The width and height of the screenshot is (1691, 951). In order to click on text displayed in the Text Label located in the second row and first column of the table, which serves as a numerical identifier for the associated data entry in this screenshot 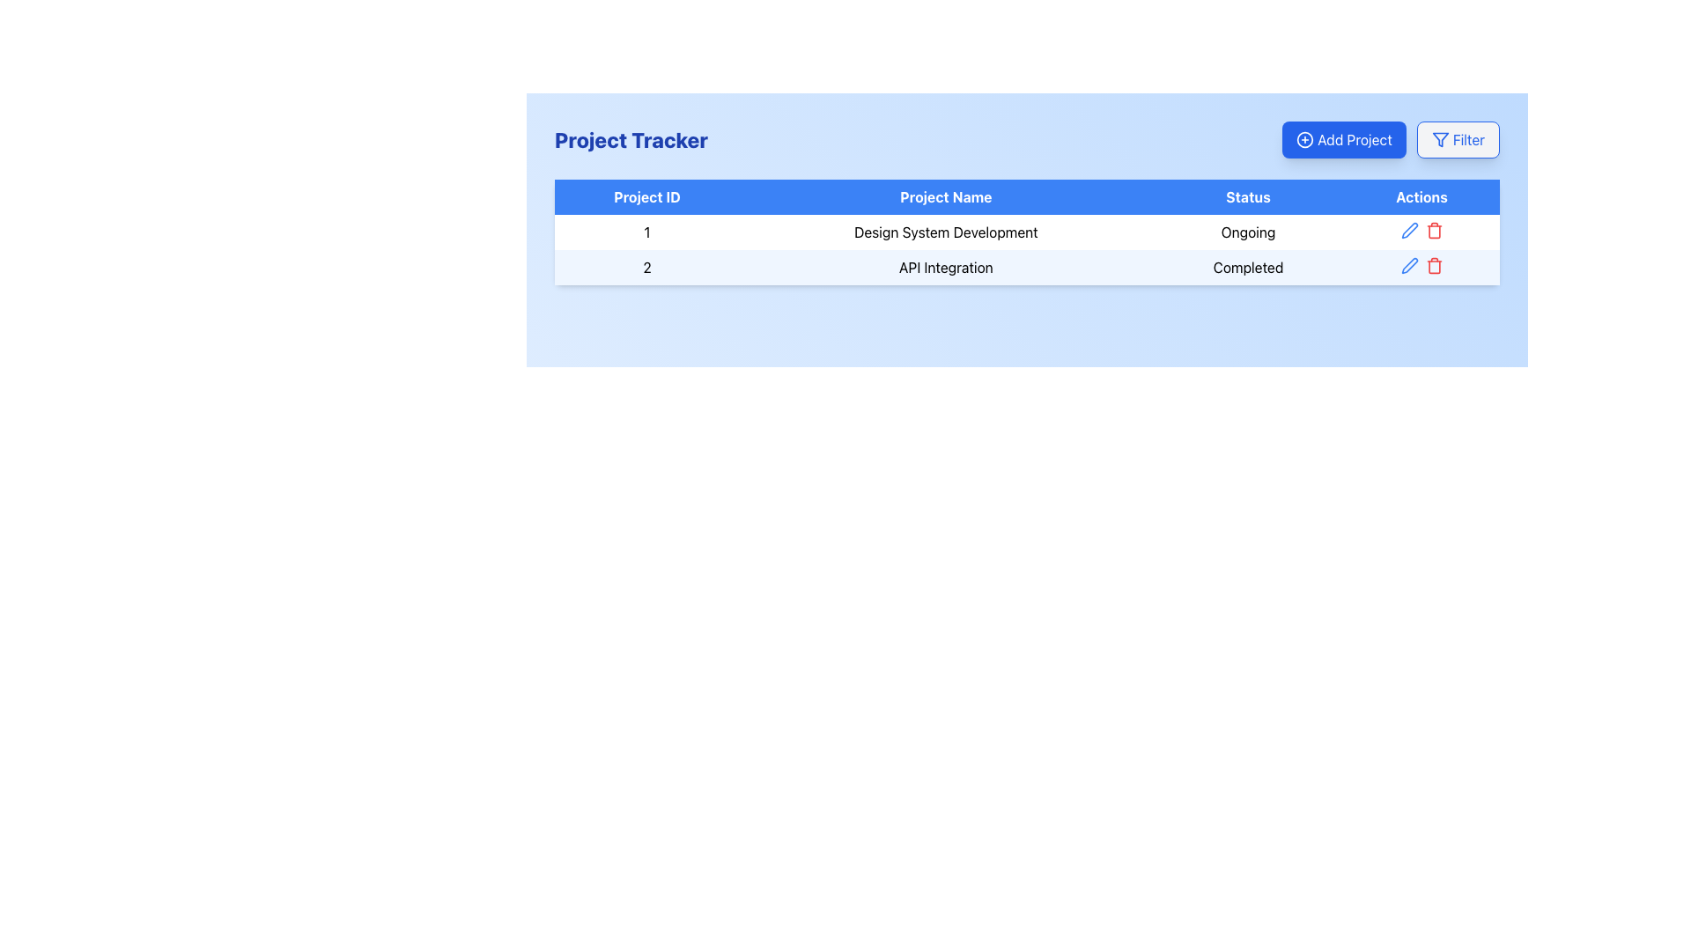, I will do `click(646, 268)`.